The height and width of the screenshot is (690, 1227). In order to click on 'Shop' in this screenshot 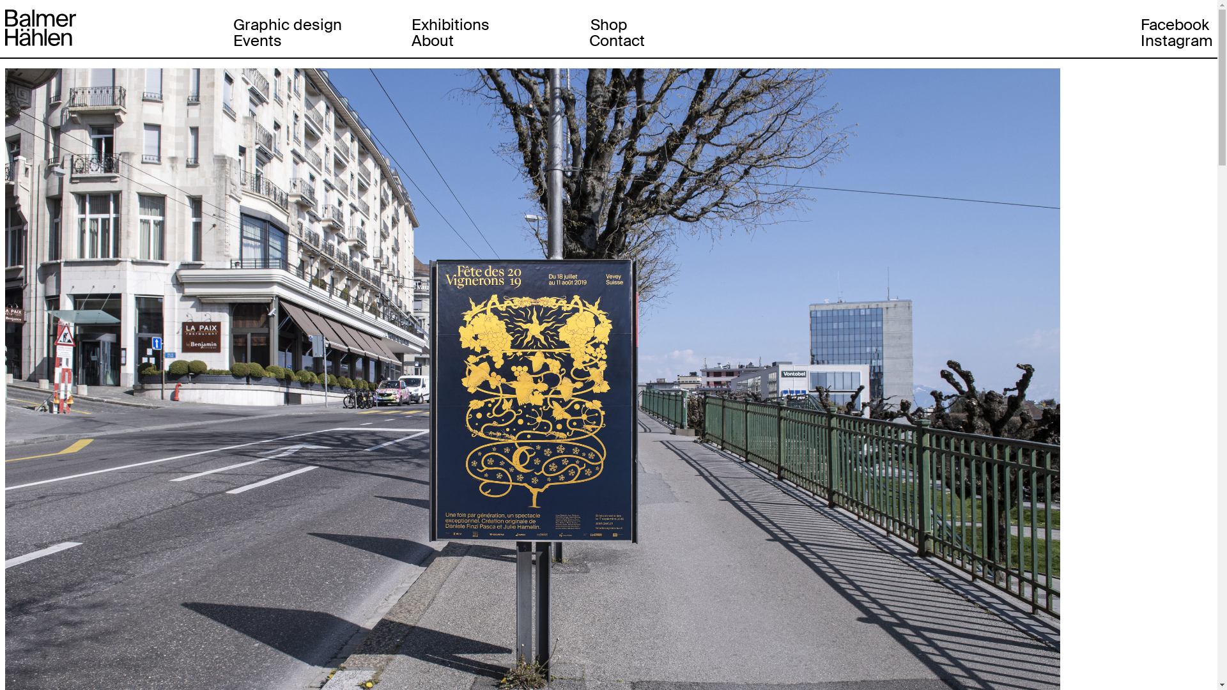, I will do `click(608, 24)`.